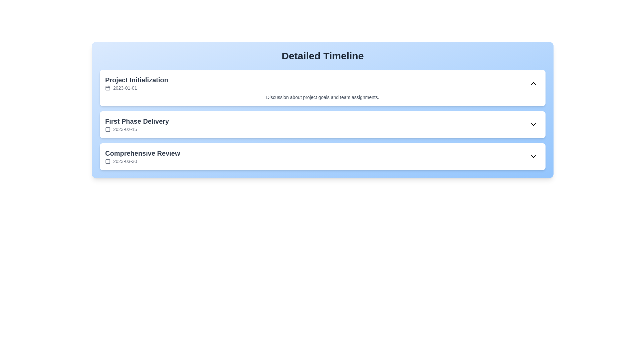 This screenshot has height=360, width=641. Describe the element at coordinates (108, 129) in the screenshot. I see `the calendar icon located to the left of the date '2023-02-15' in the second event entry labeled 'First Phase Delivery'` at that location.